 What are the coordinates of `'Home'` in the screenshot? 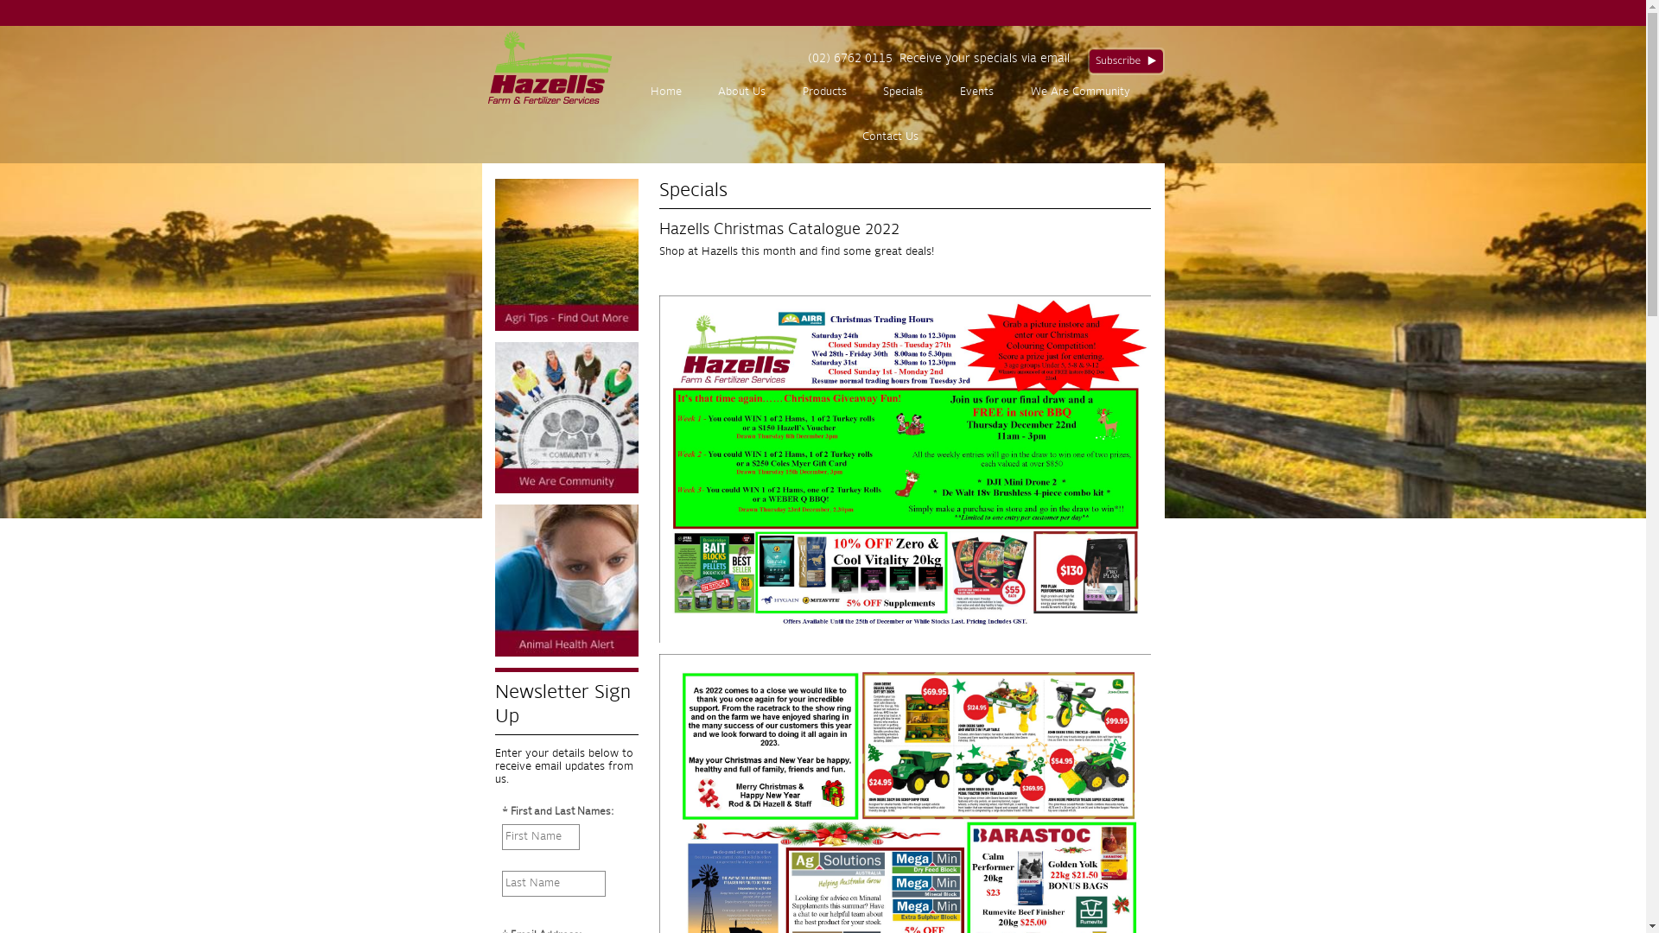 It's located at (664, 92).